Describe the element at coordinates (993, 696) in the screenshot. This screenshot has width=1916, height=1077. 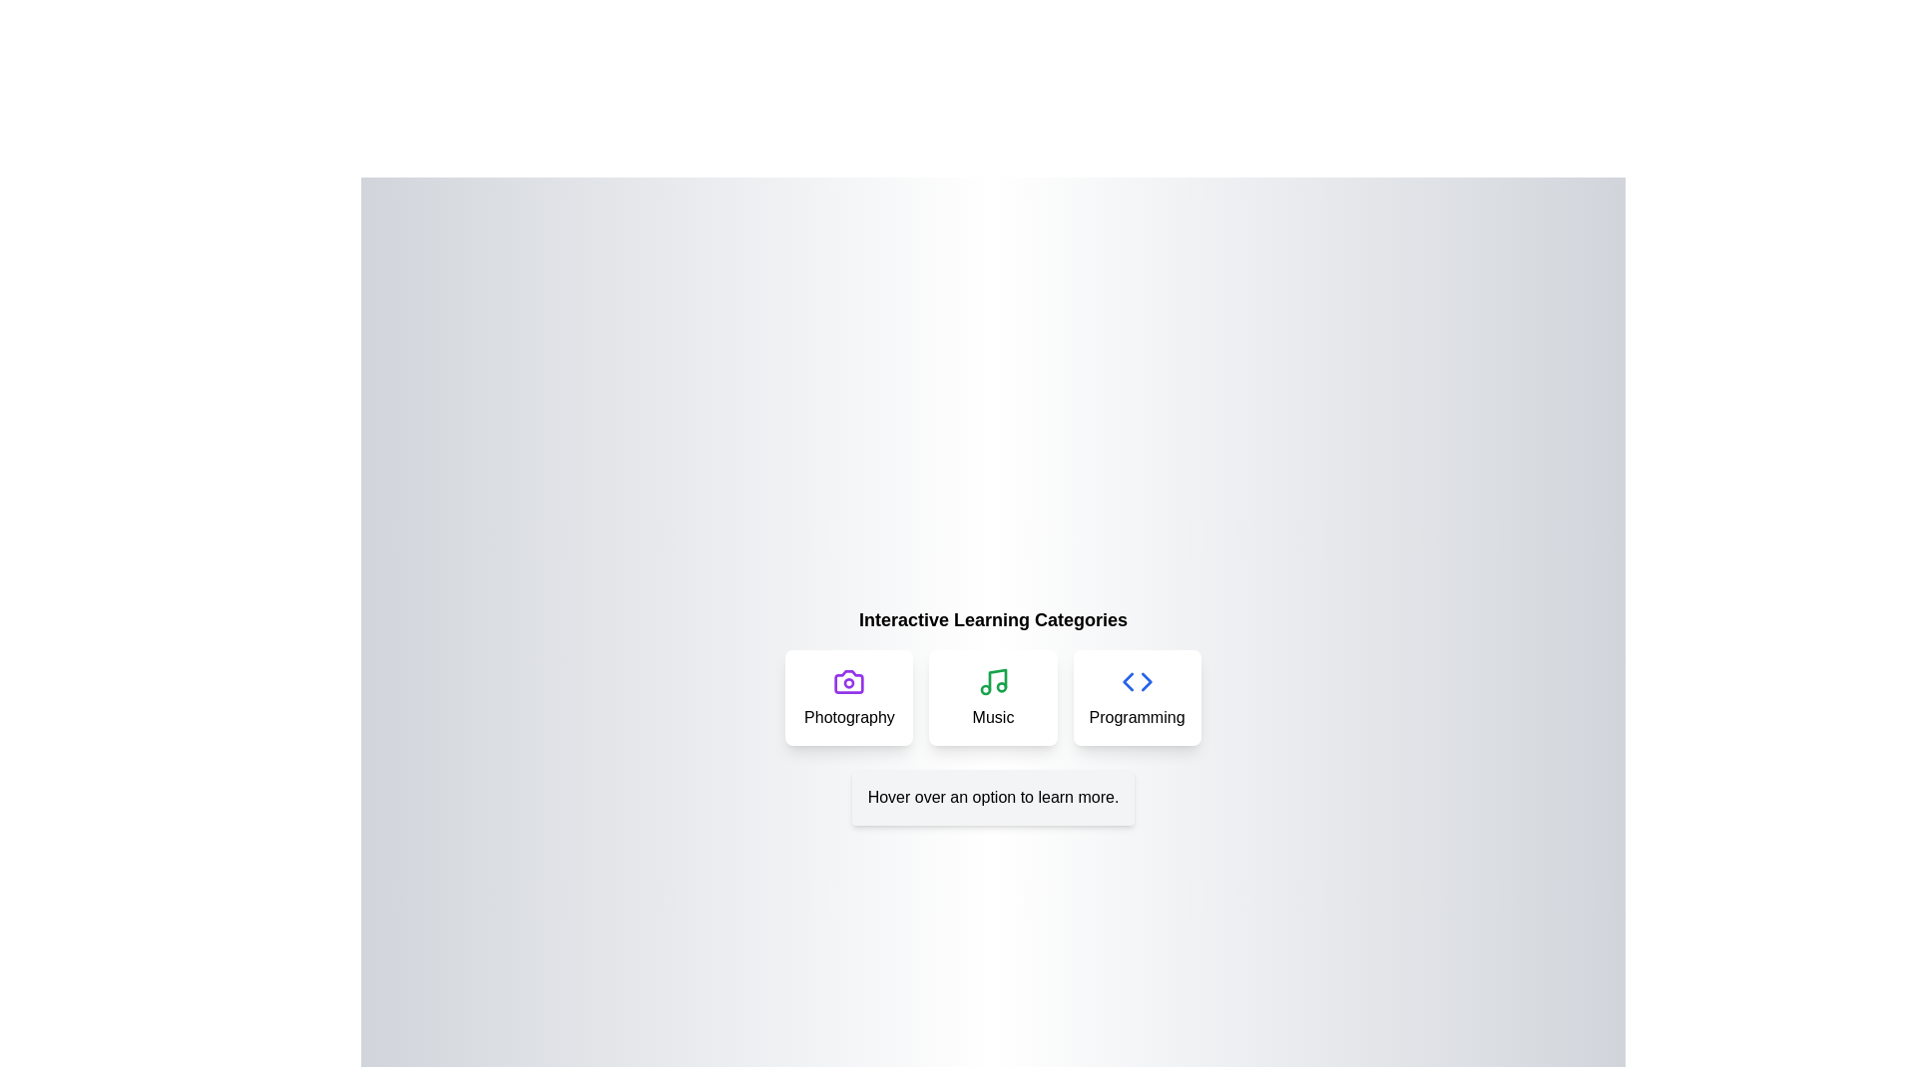
I see `the 'Music' category card` at that location.